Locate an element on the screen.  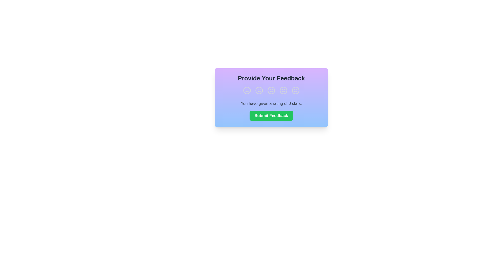
the smiley face corresponding to a rating of 3 is located at coordinates (271, 90).